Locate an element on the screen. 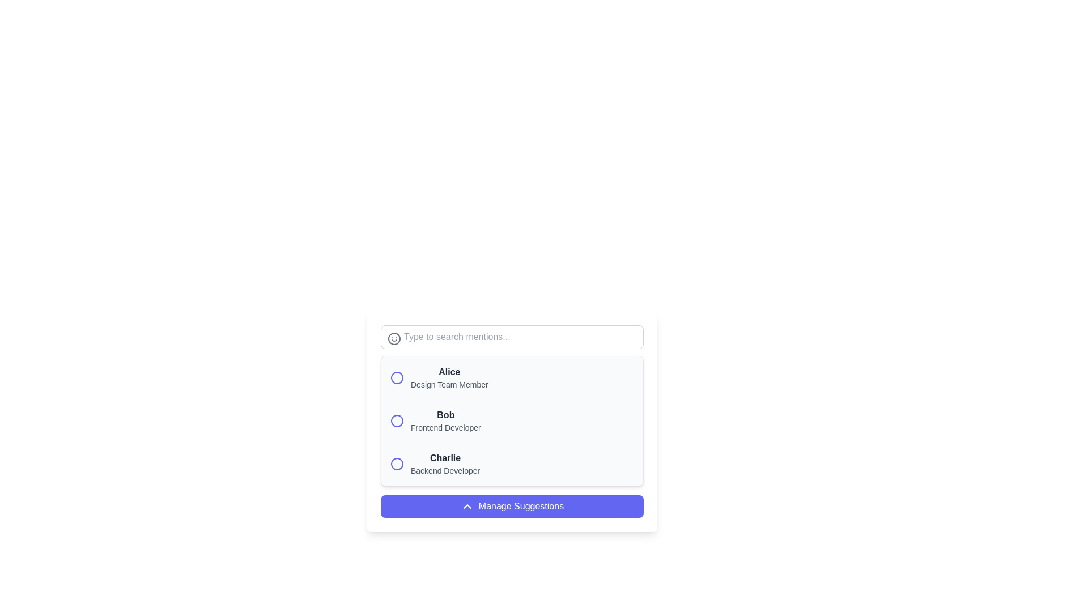 This screenshot has width=1088, height=612. the text display component that shows the name and role of a team member, located above the entries for 'Bob' and 'Charlie' is located at coordinates (448, 378).